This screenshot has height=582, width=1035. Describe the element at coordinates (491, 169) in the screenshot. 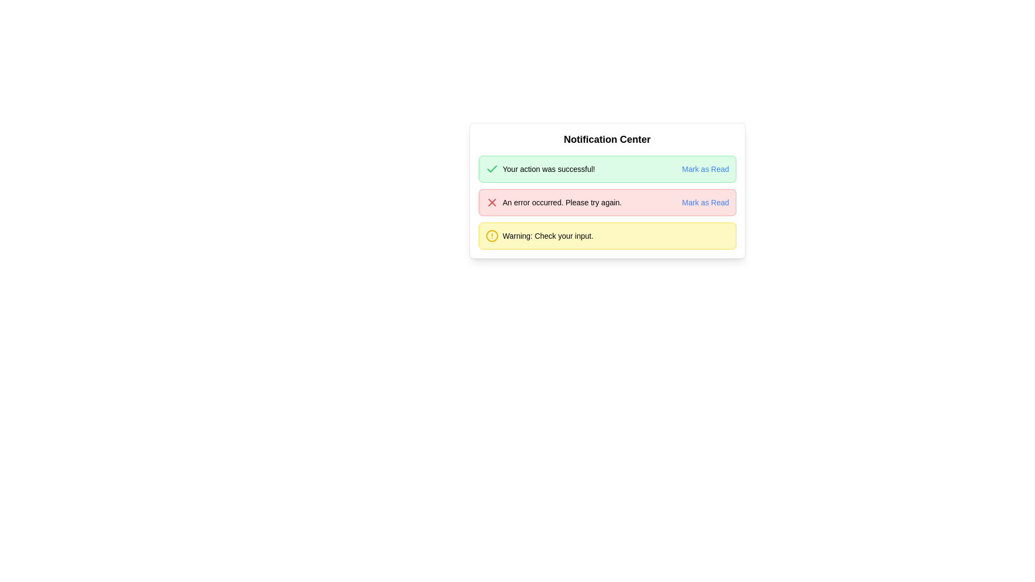

I see `the green checkmark icon indicating success, located to the left of the first notification message in the Notification Center` at that location.